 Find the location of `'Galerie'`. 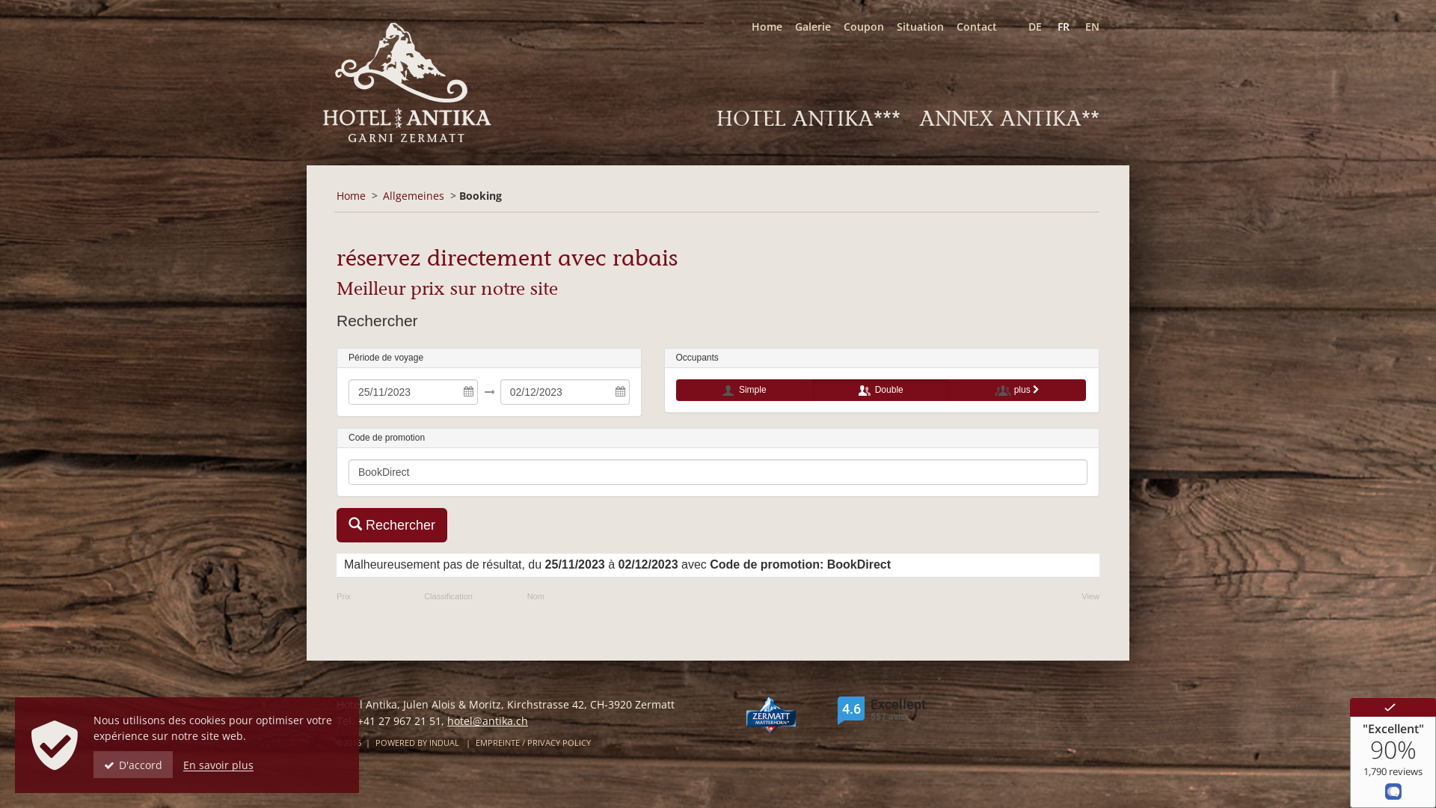

'Galerie' is located at coordinates (782, 26).